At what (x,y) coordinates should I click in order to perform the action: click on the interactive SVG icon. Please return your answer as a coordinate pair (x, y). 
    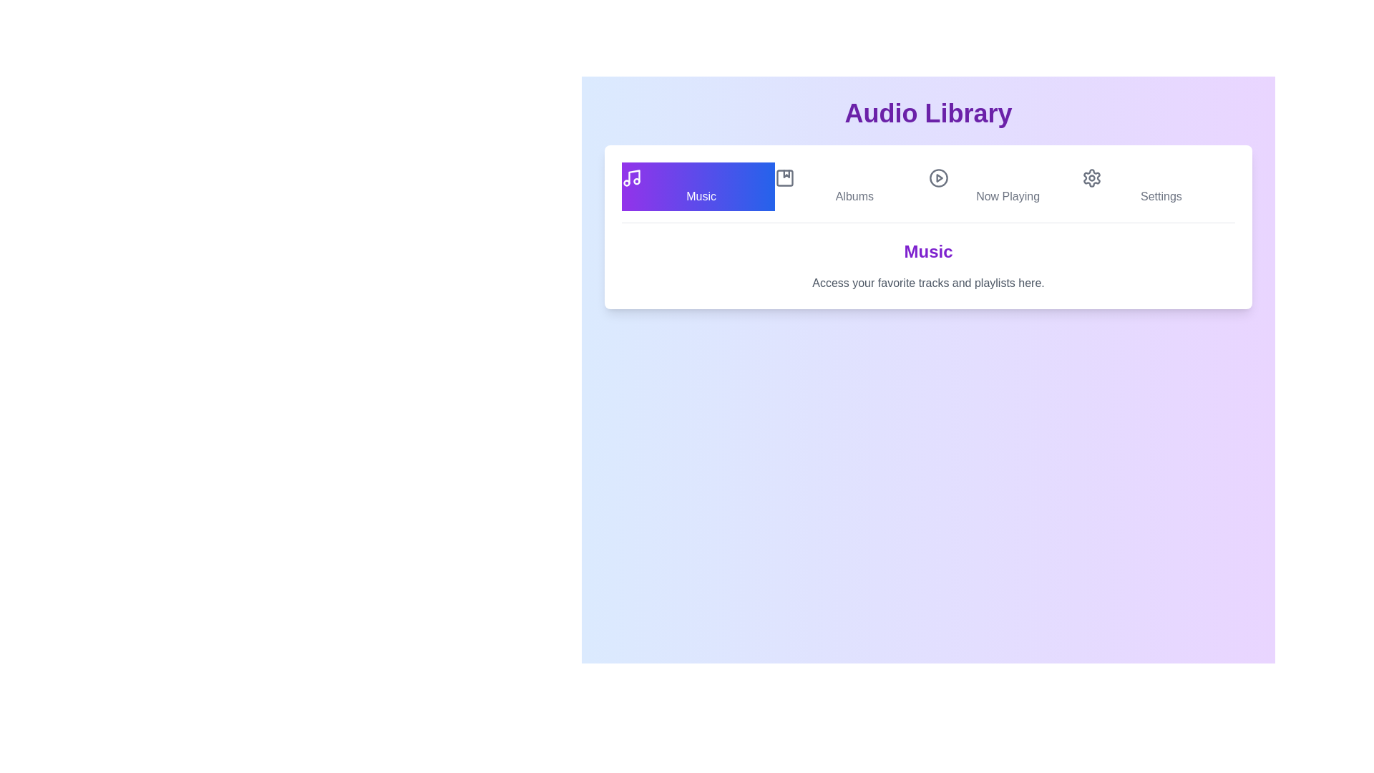
    Looking at the image, I should click on (784, 178).